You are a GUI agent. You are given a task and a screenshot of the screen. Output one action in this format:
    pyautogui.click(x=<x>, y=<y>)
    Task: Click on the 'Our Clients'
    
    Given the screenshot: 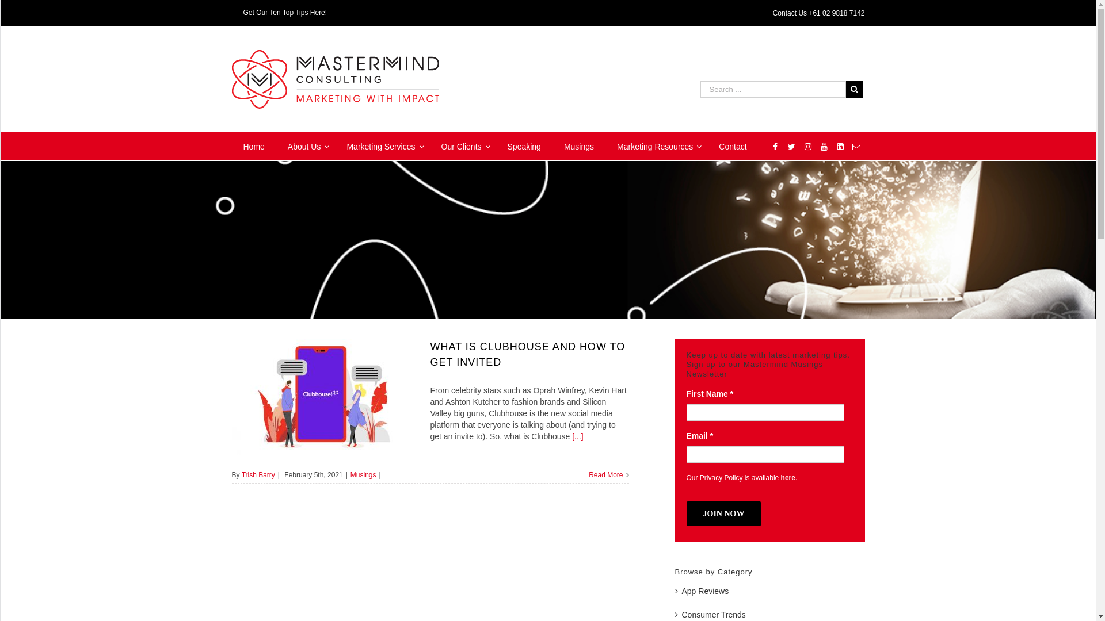 What is the action you would take?
    pyautogui.click(x=462, y=145)
    